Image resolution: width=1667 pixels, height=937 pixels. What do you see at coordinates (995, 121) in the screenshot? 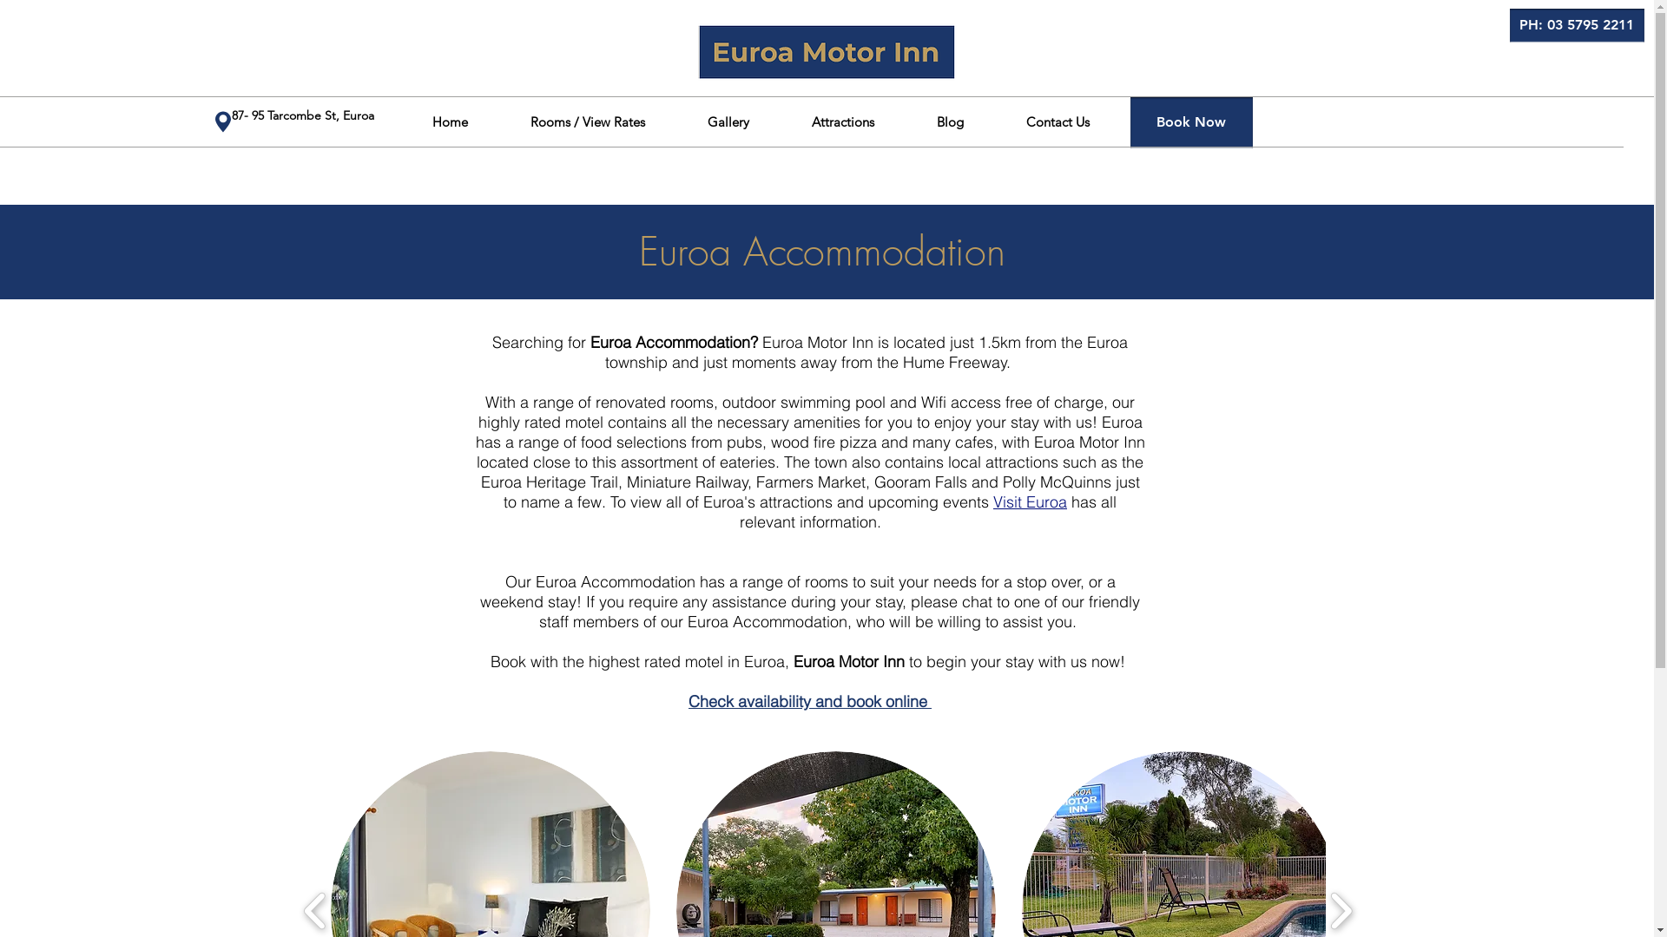
I see `'Contact Us'` at bounding box center [995, 121].